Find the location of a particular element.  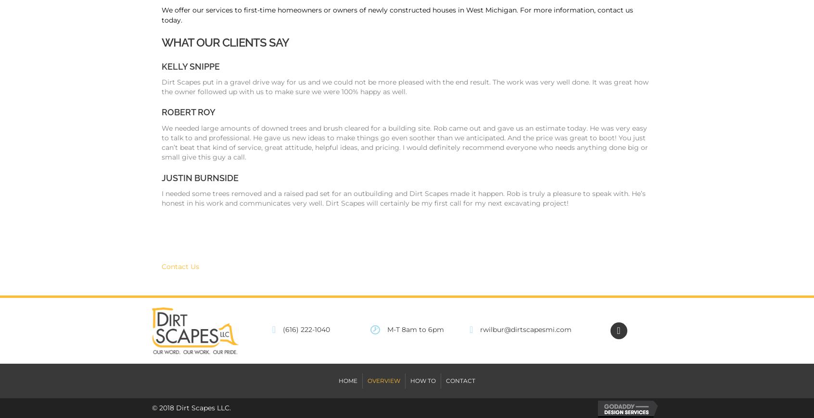

'Overview' is located at coordinates (383, 381).